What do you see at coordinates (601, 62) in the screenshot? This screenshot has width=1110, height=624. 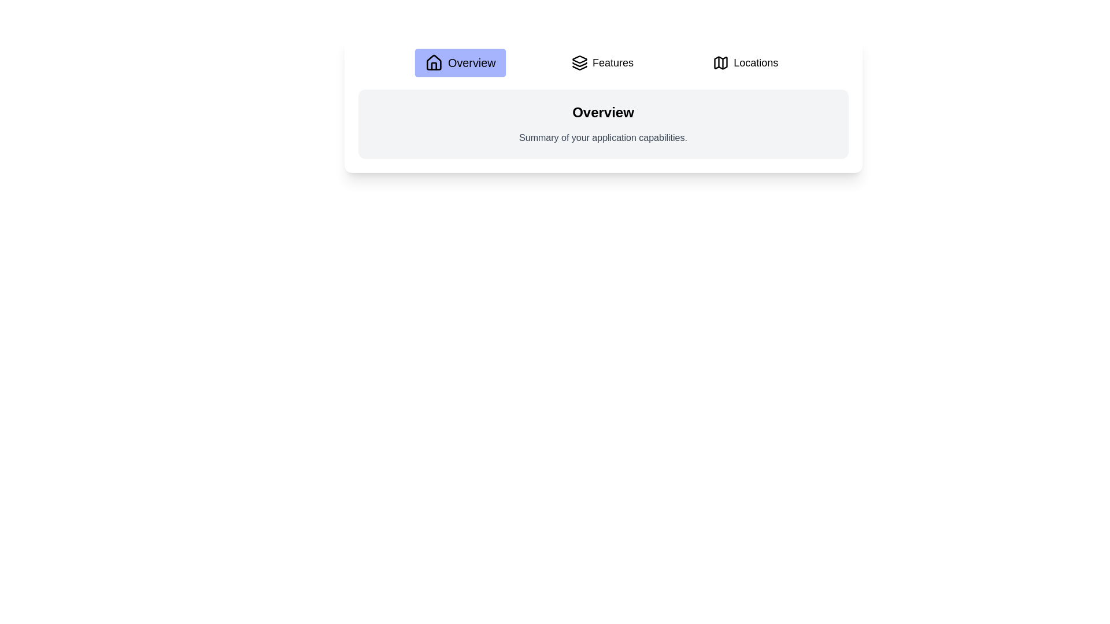 I see `the Features tab to navigate to its content` at bounding box center [601, 62].